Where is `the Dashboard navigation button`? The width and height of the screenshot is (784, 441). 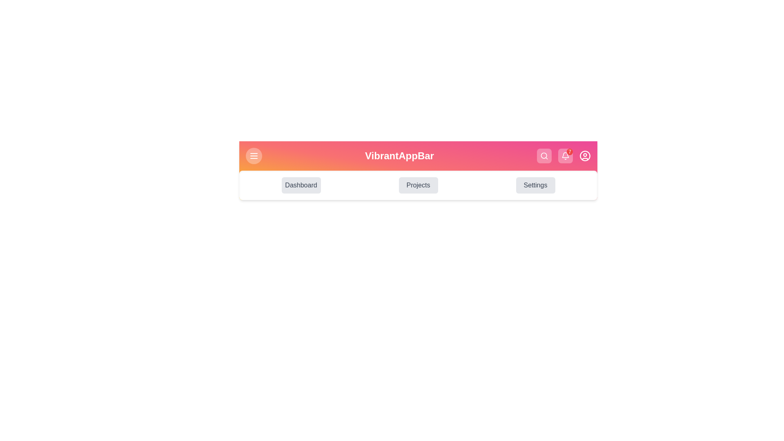
the Dashboard navigation button is located at coordinates (301, 185).